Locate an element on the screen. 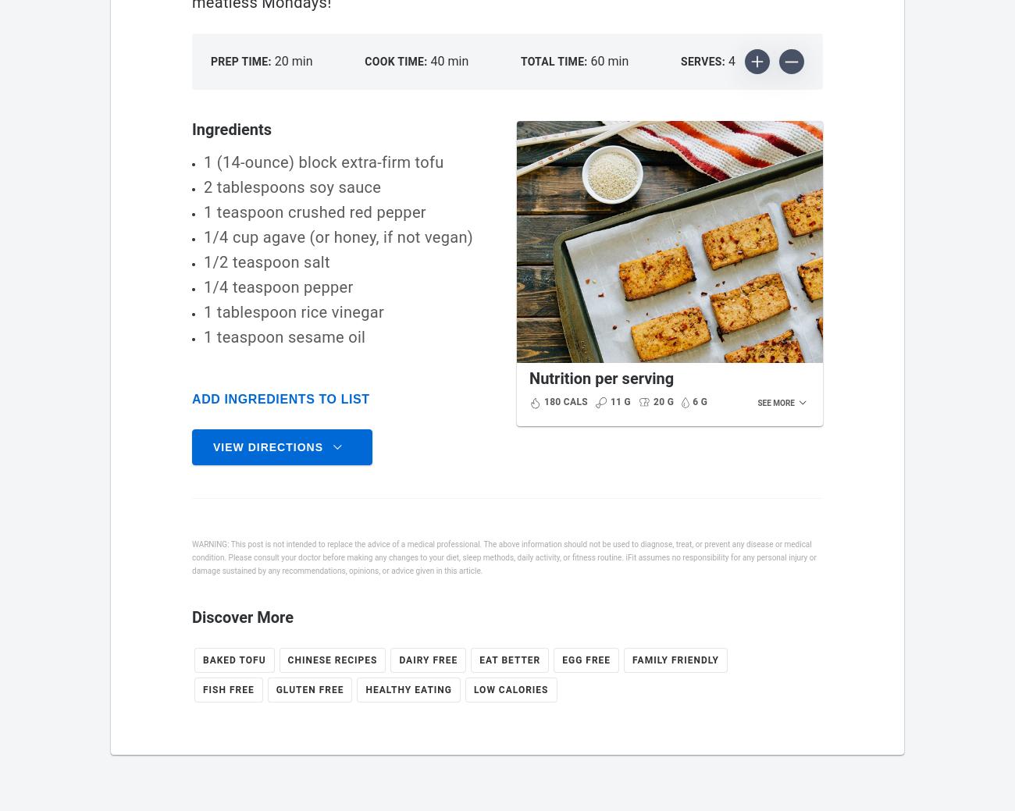  '1/2' is located at coordinates (215, 262).